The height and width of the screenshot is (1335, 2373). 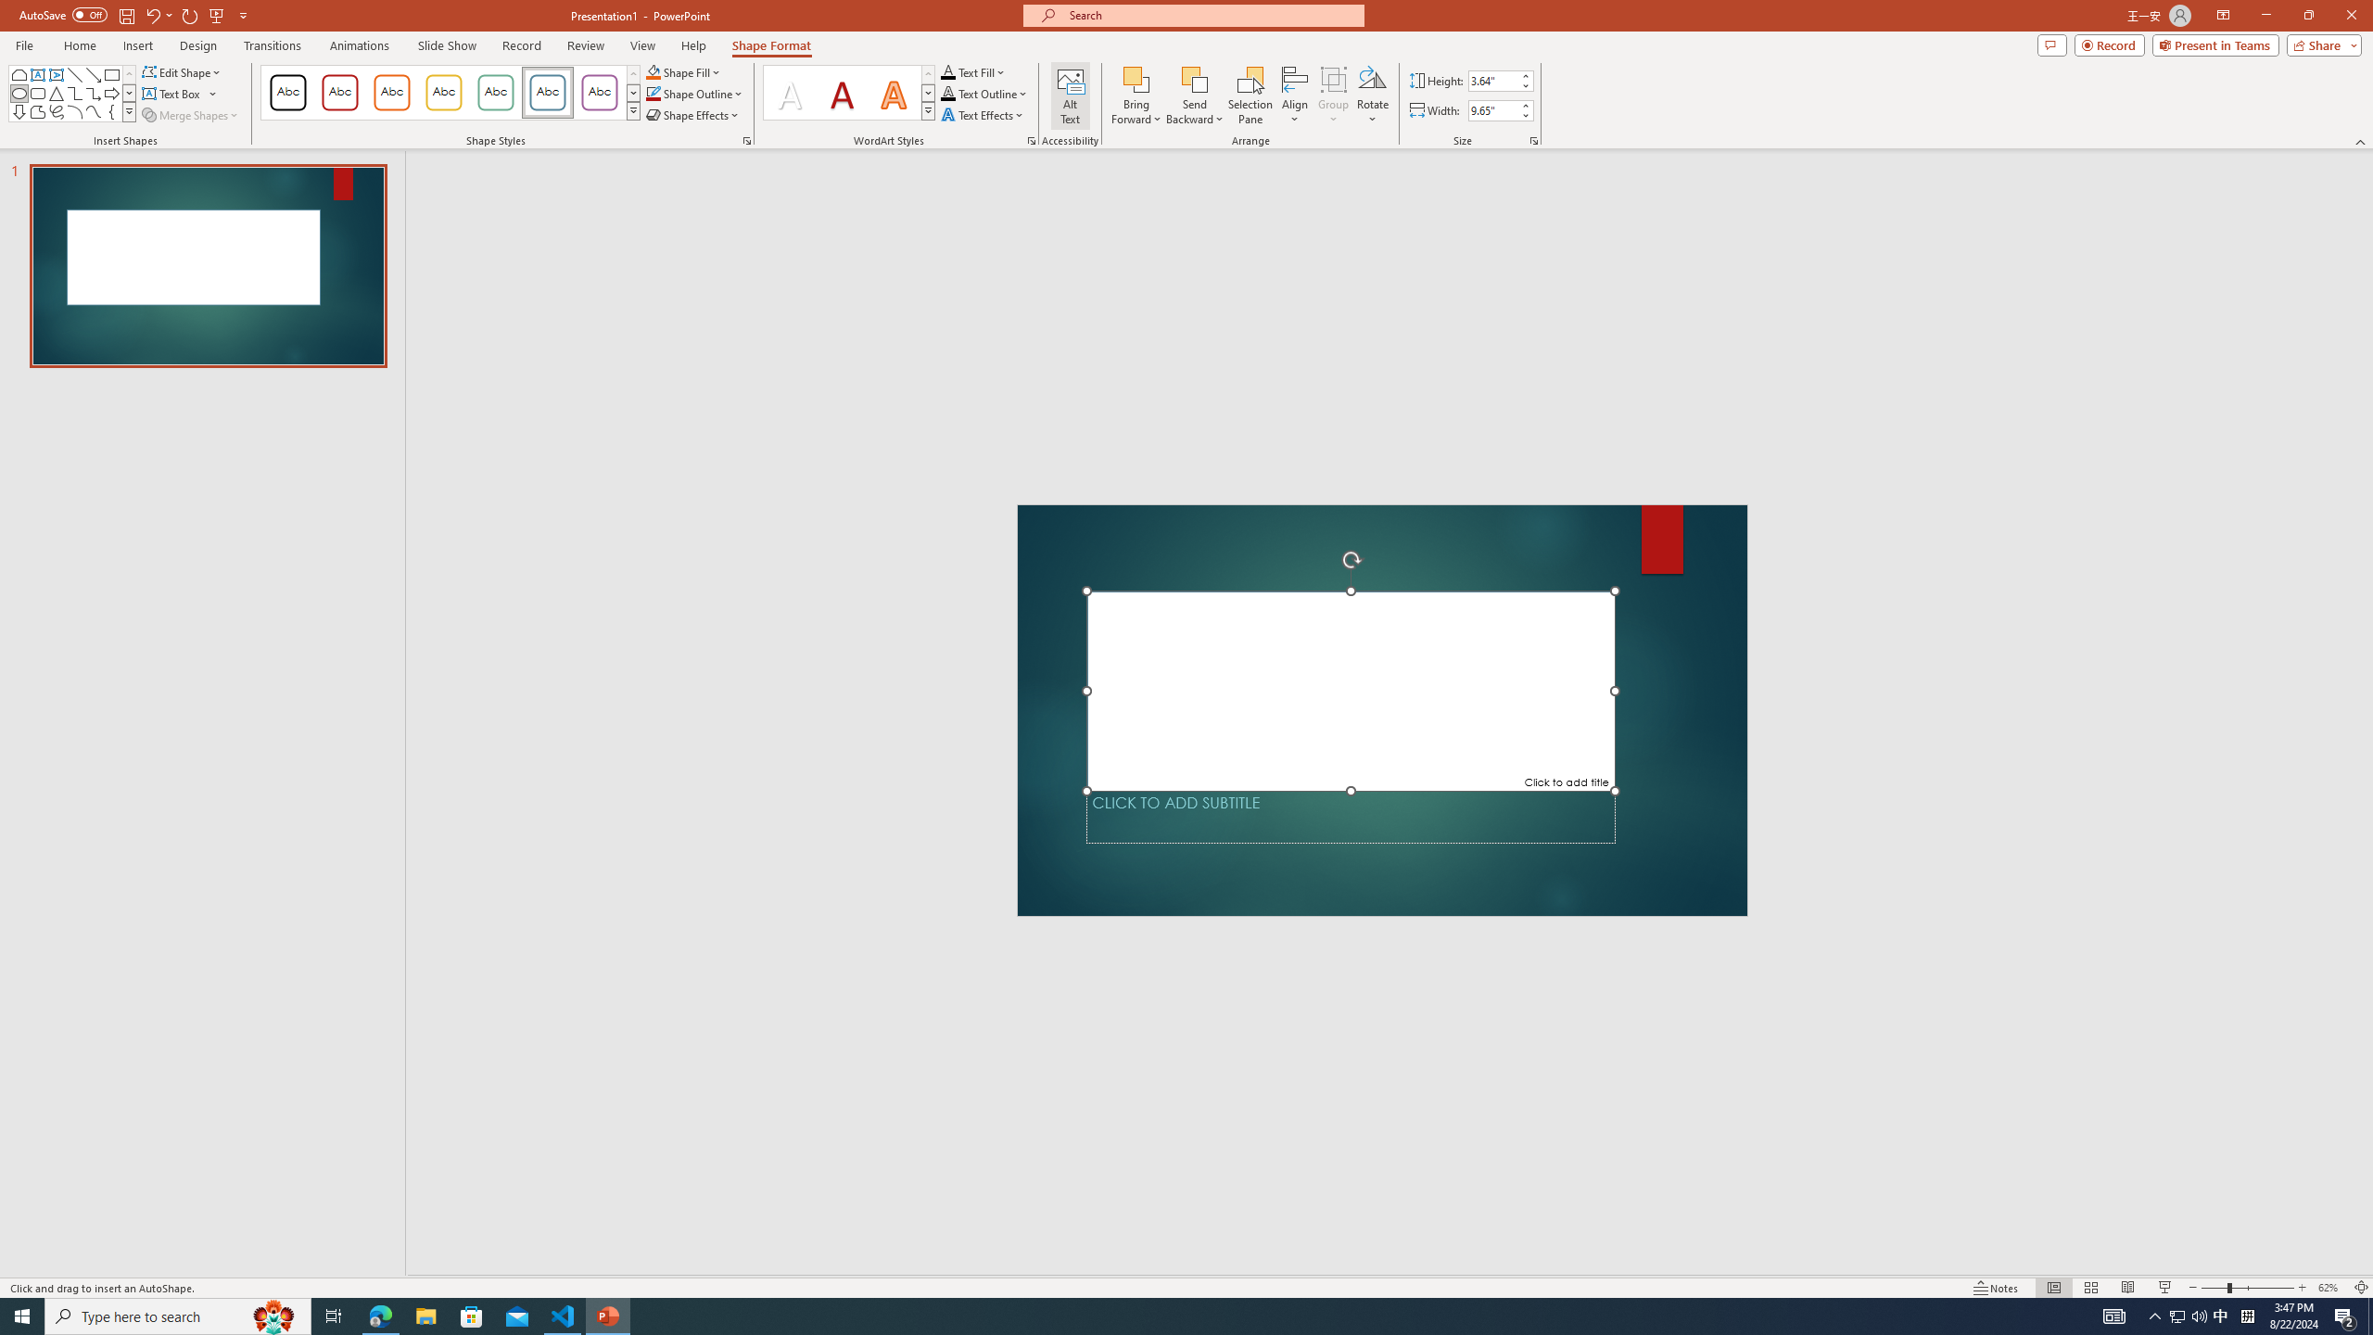 I want to click on 'Title TextBox', so click(x=1349, y=690).